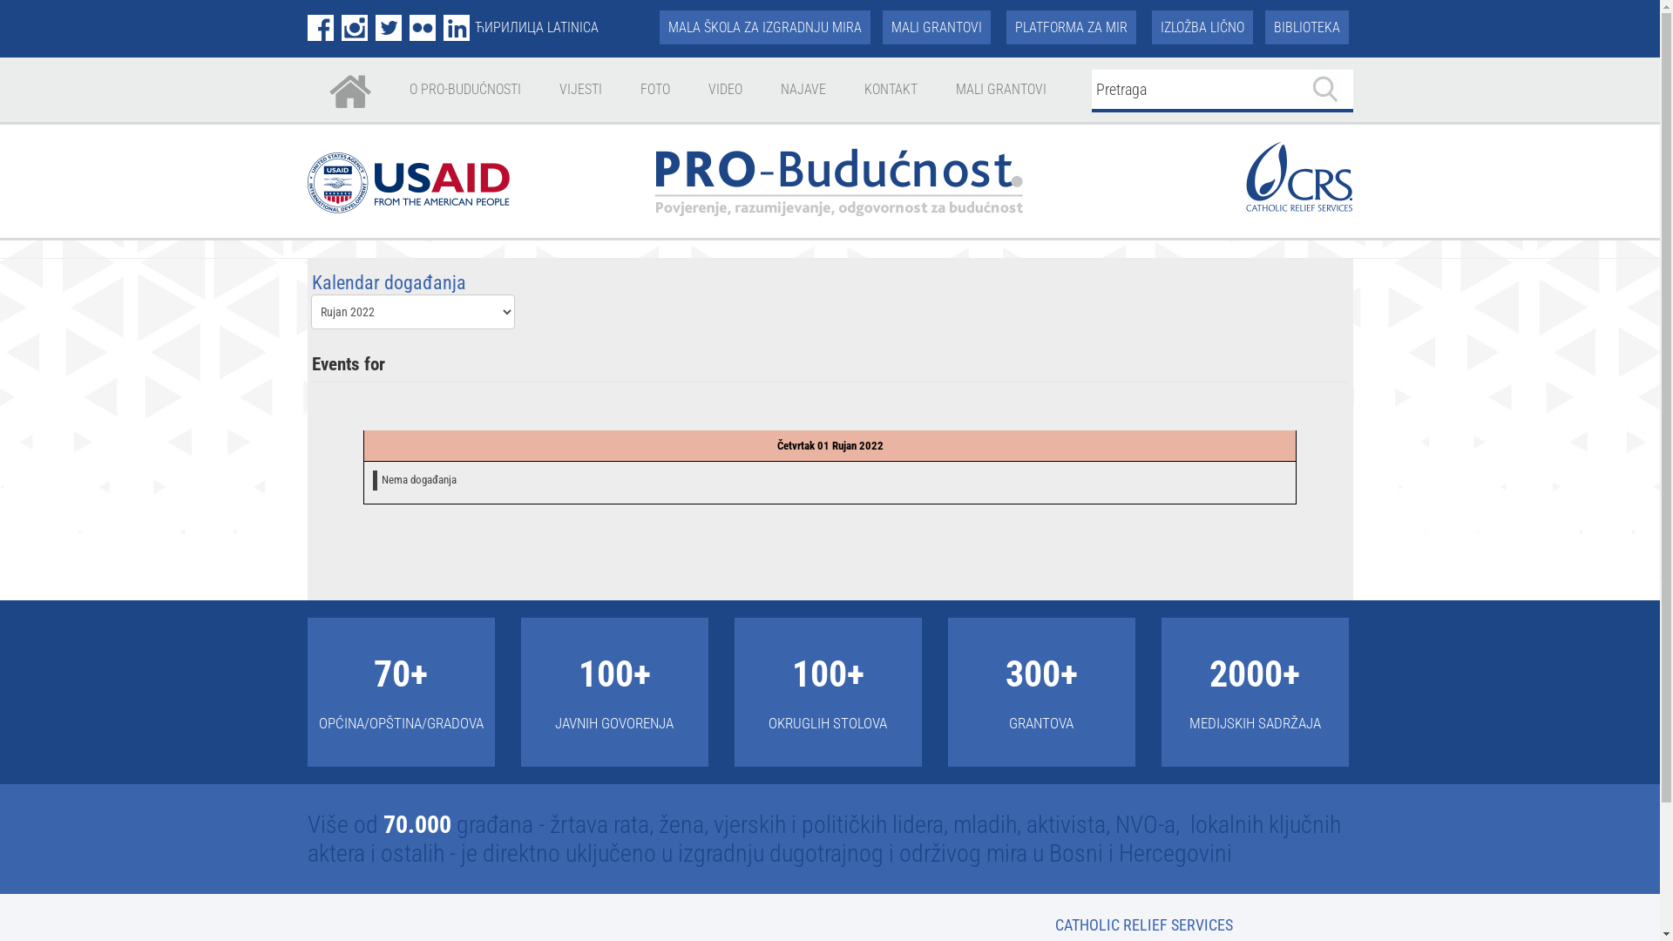 The image size is (1673, 941). Describe the element at coordinates (935, 27) in the screenshot. I see `'MALI GRANTOVI'` at that location.